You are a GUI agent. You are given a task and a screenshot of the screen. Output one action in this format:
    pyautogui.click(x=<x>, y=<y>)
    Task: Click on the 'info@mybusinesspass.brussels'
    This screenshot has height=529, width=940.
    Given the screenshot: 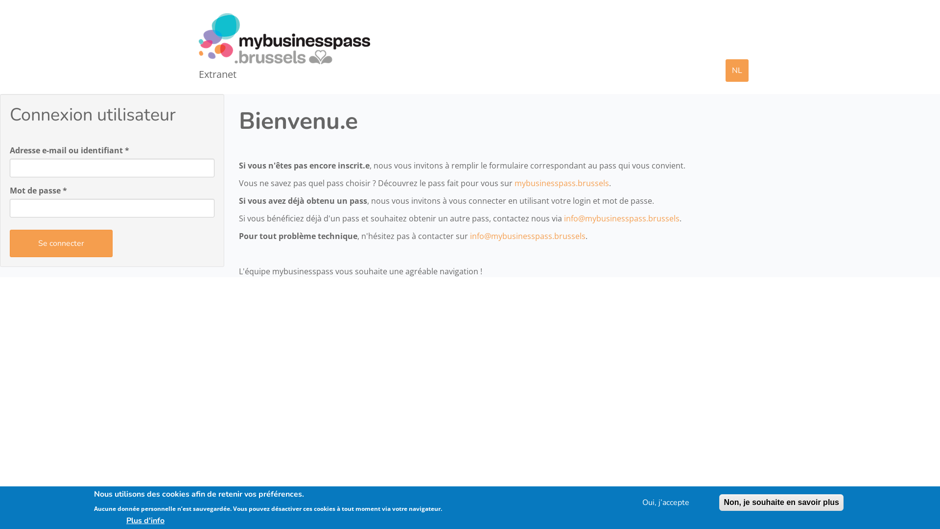 What is the action you would take?
    pyautogui.click(x=527, y=236)
    